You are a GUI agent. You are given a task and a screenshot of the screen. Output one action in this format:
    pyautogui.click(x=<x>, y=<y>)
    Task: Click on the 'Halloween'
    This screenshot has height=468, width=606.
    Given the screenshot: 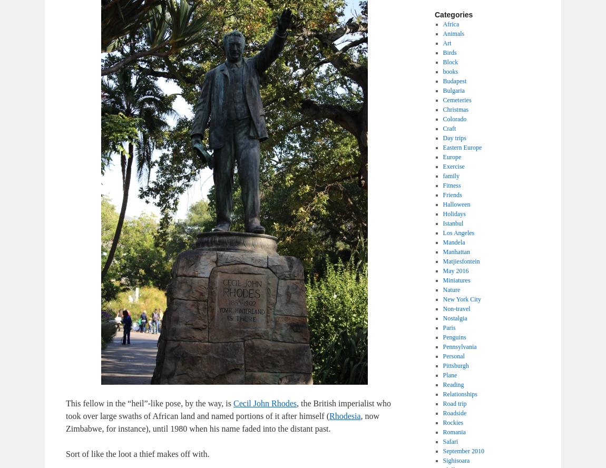 What is the action you would take?
    pyautogui.click(x=456, y=204)
    